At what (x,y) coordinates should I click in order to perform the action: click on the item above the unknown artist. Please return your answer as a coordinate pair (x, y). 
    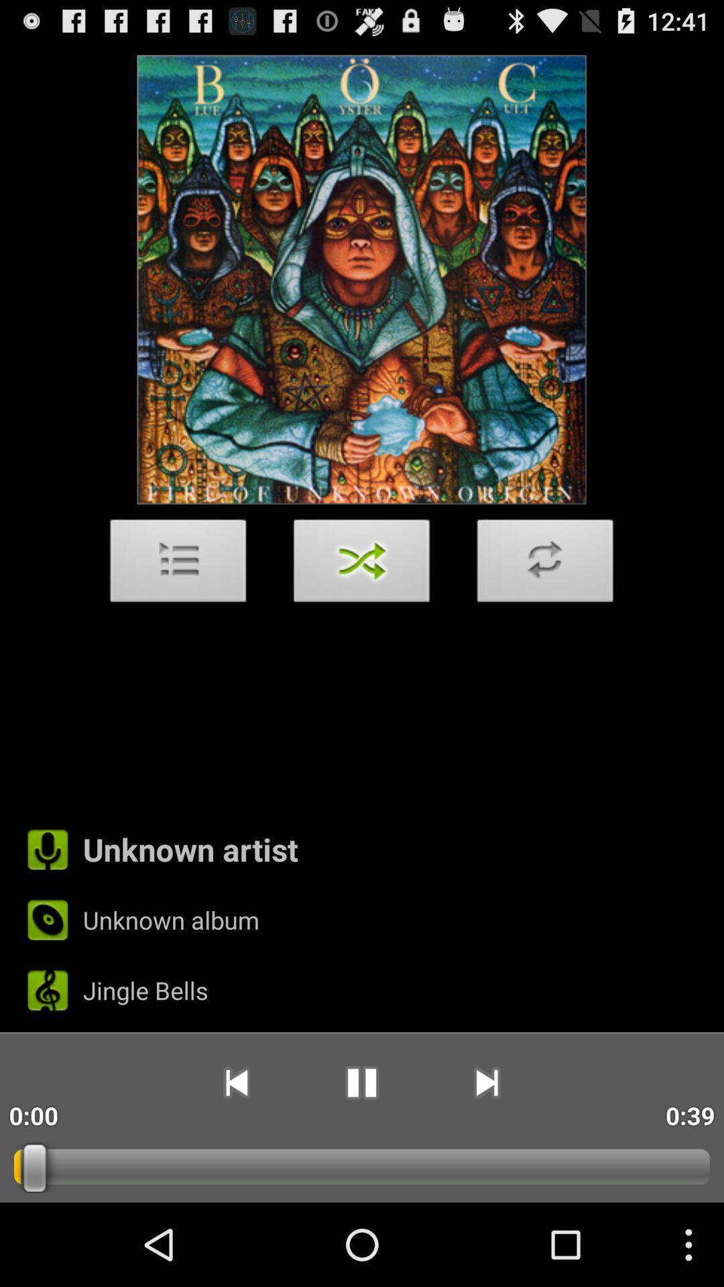
    Looking at the image, I should click on (178, 564).